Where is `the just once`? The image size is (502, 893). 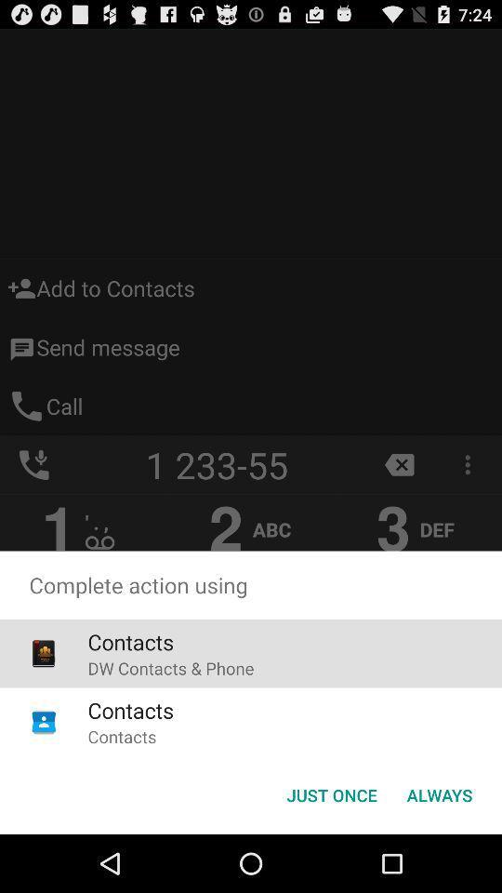
the just once is located at coordinates (331, 793).